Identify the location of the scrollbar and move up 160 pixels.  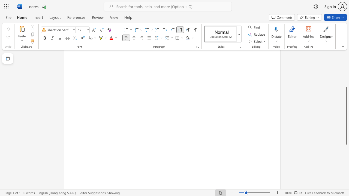
(346, 115).